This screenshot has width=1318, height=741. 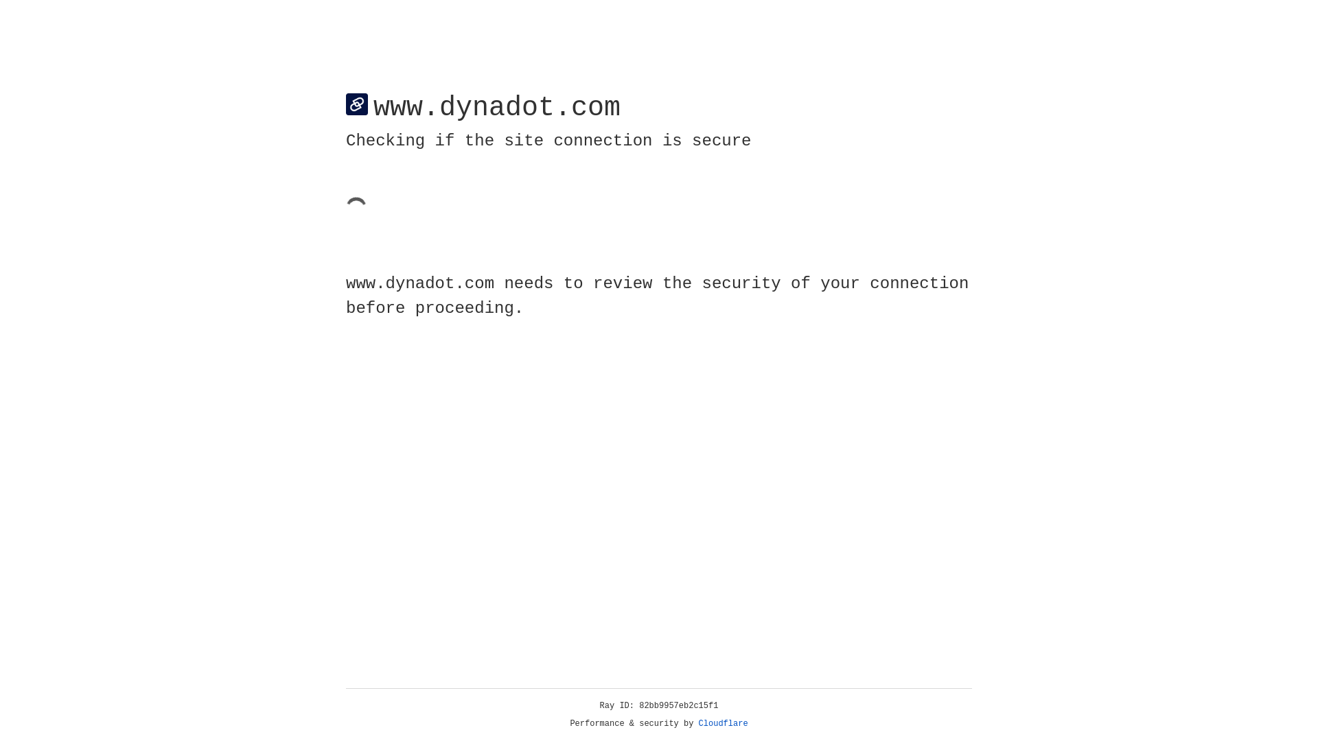 I want to click on 'Cloudflare', so click(x=698, y=723).